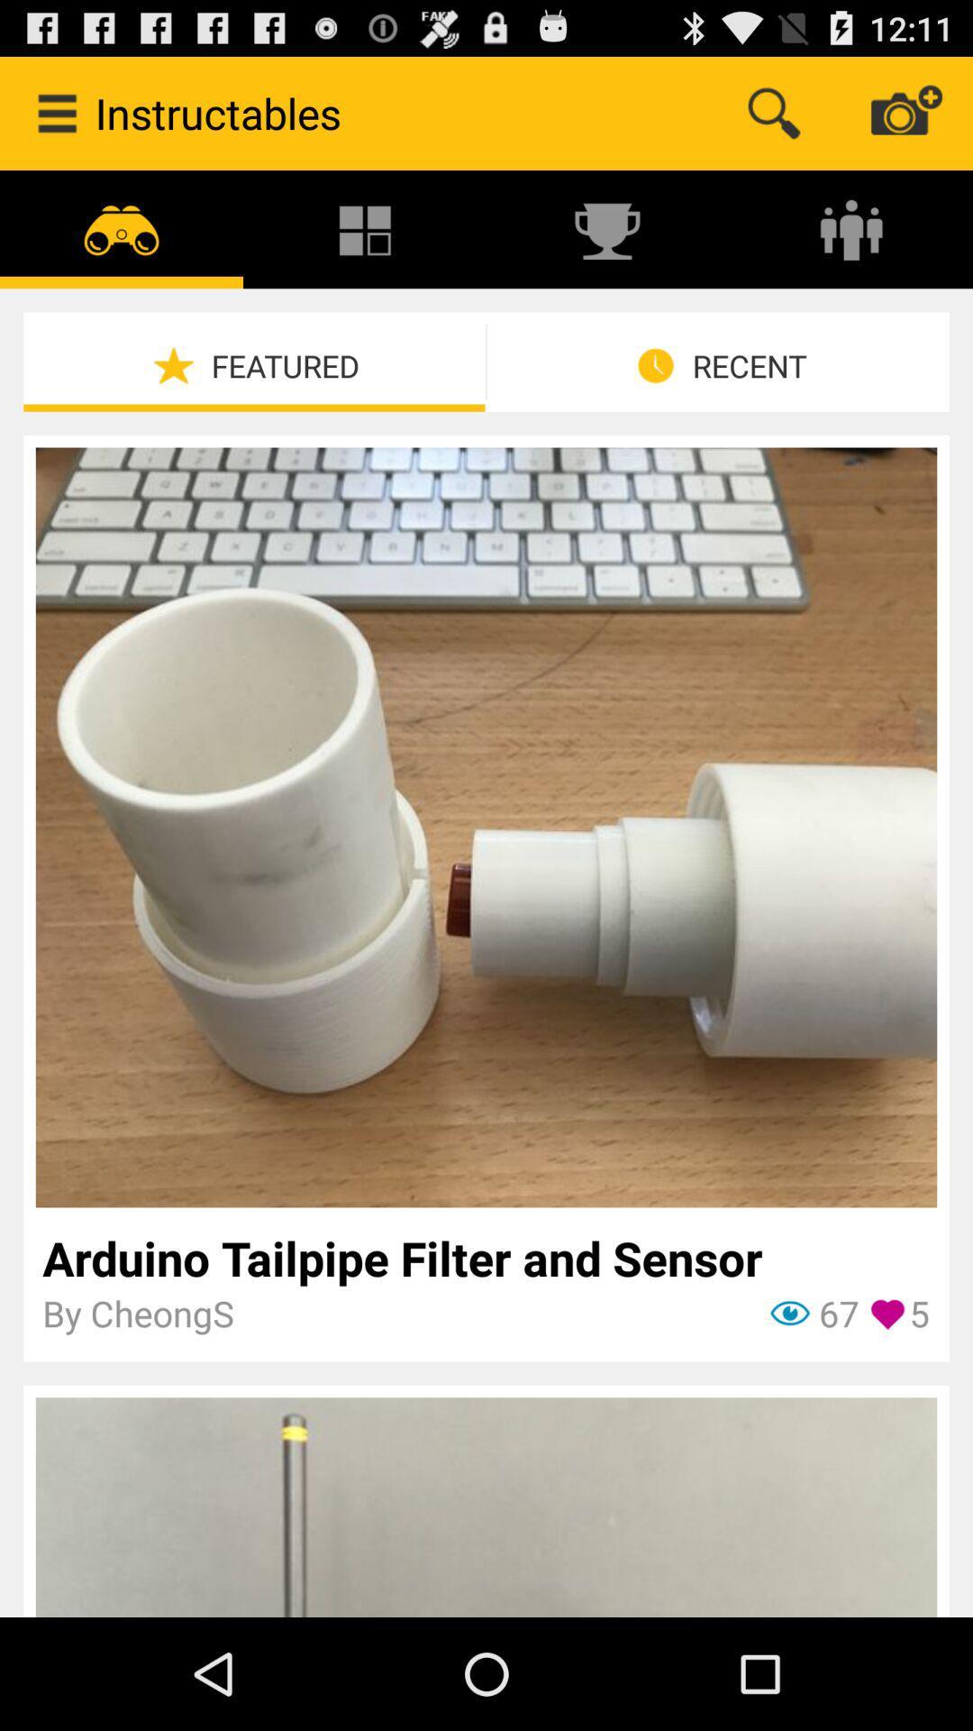 The image size is (973, 1731). I want to click on item above 5, so click(485, 1257).